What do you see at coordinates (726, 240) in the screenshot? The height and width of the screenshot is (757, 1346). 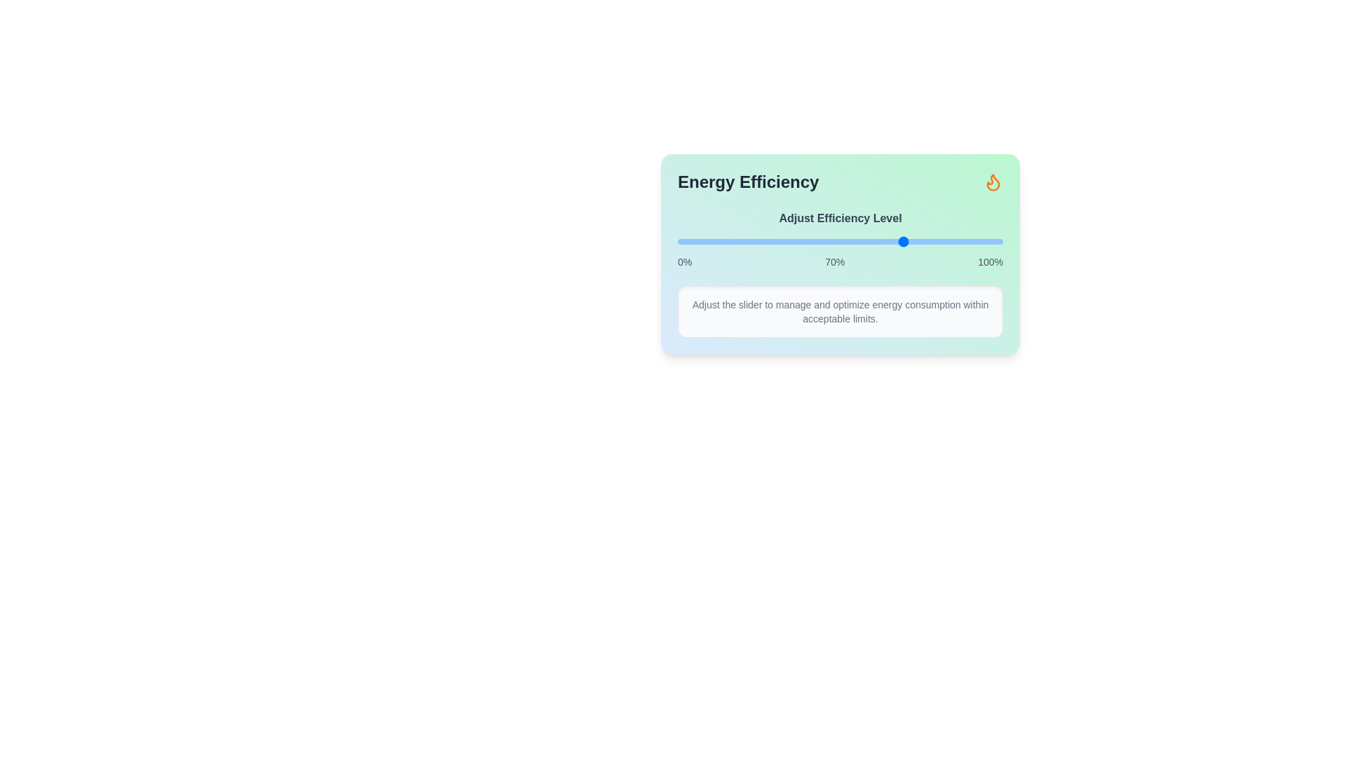 I see `the energy efficiency level to 15% by interacting with the slider` at bounding box center [726, 240].